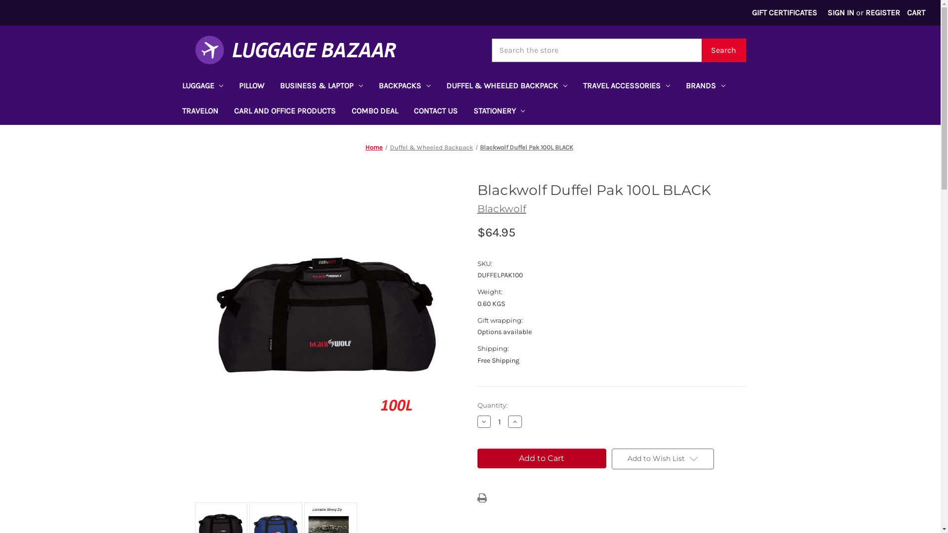 This screenshot has width=948, height=533. I want to click on 'Add to Cart', so click(476, 458).